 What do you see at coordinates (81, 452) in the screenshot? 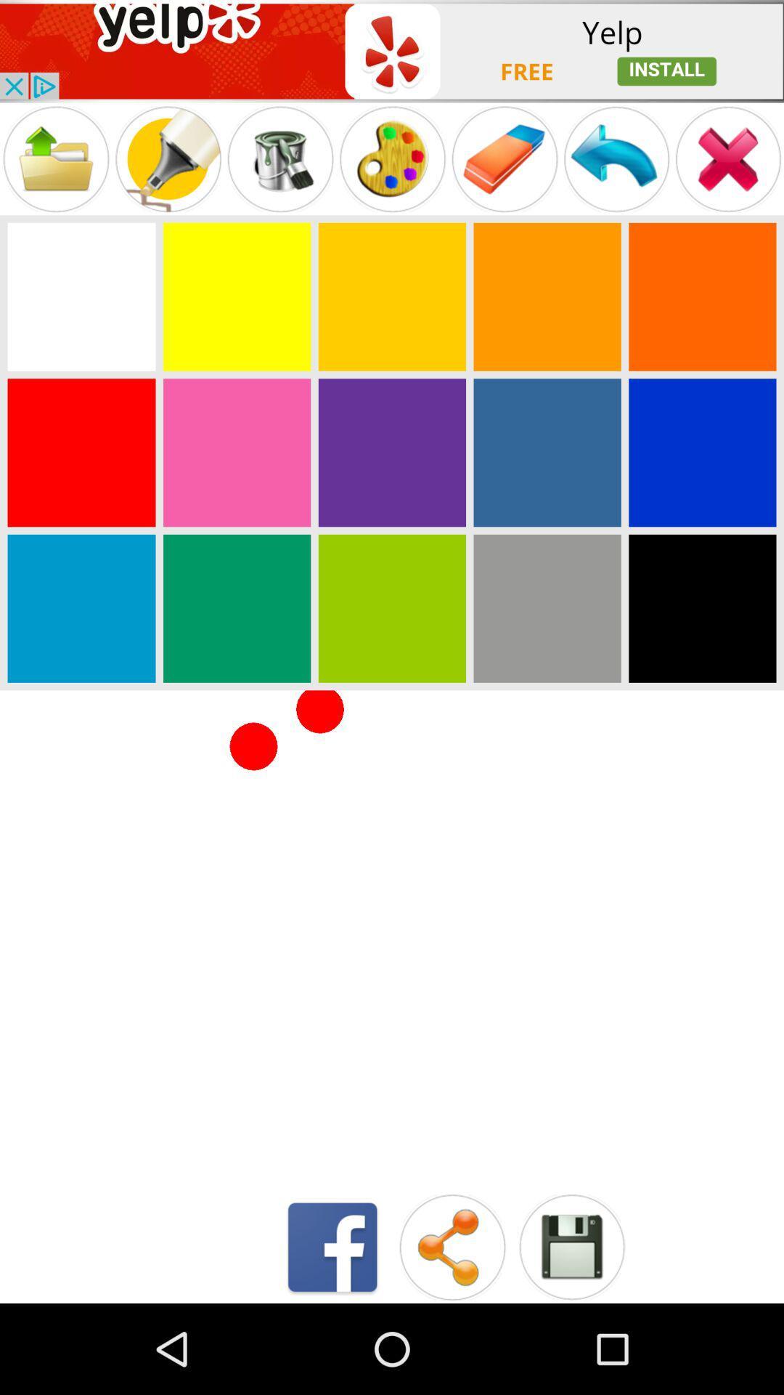
I see `coloring page` at bounding box center [81, 452].